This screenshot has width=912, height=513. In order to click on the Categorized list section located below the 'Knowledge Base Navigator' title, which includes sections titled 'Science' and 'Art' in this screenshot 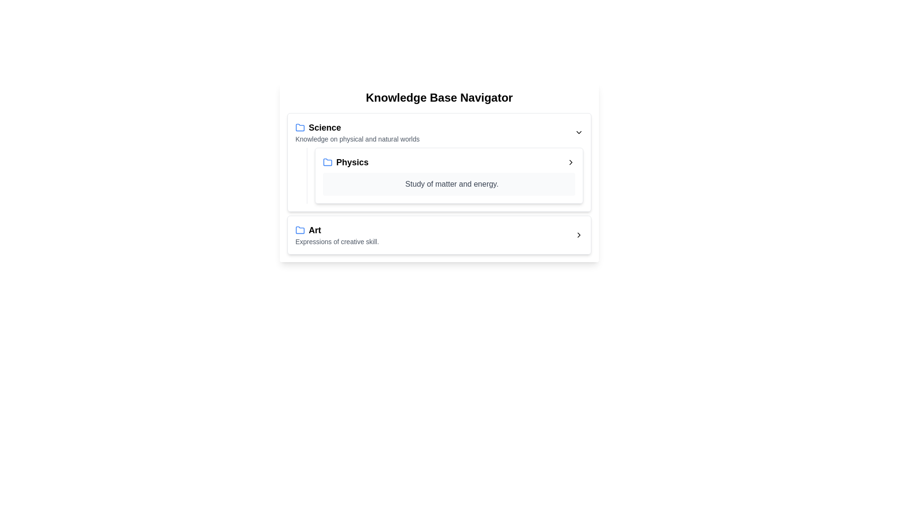, I will do `click(439, 183)`.